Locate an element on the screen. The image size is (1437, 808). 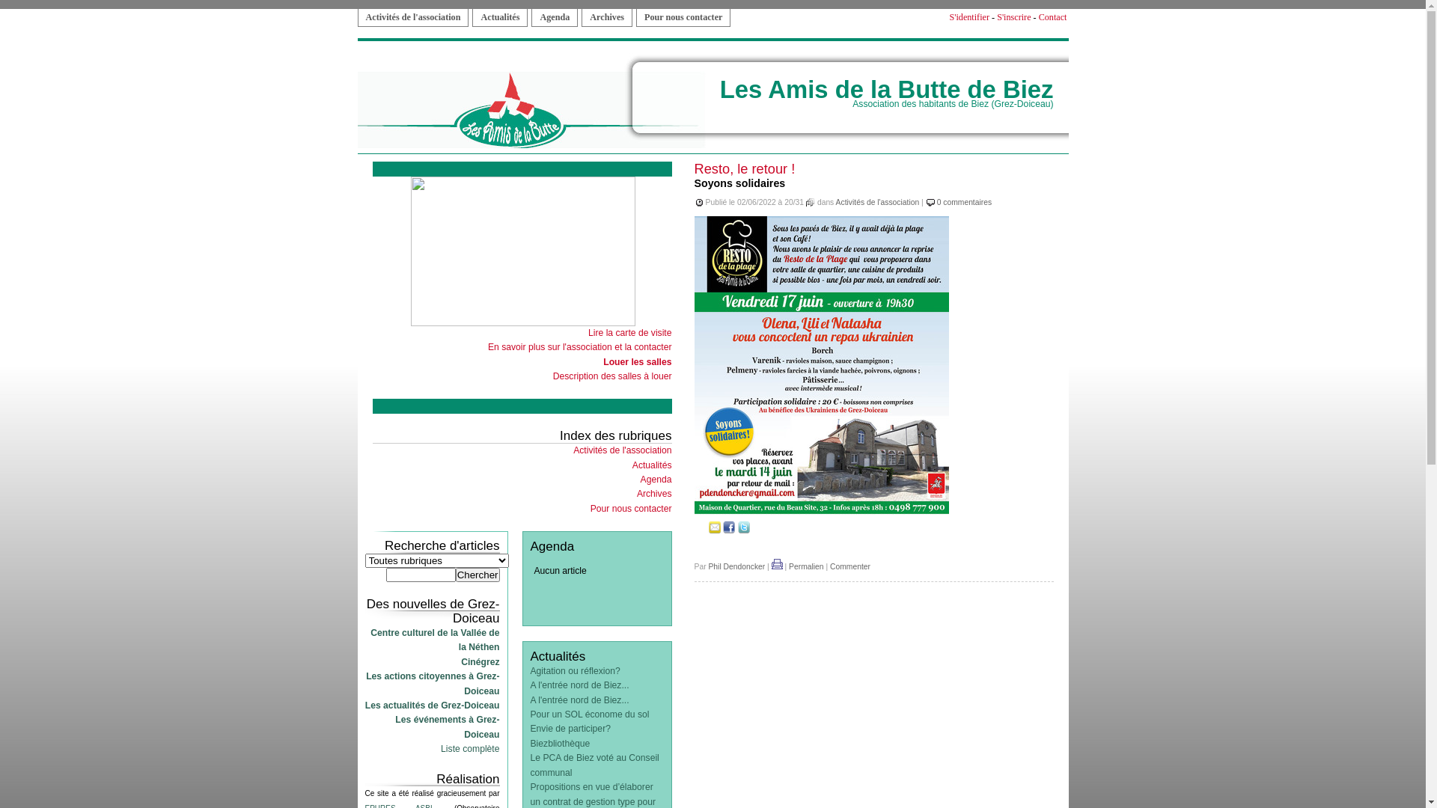
'Contact' is located at coordinates (1037, 17).